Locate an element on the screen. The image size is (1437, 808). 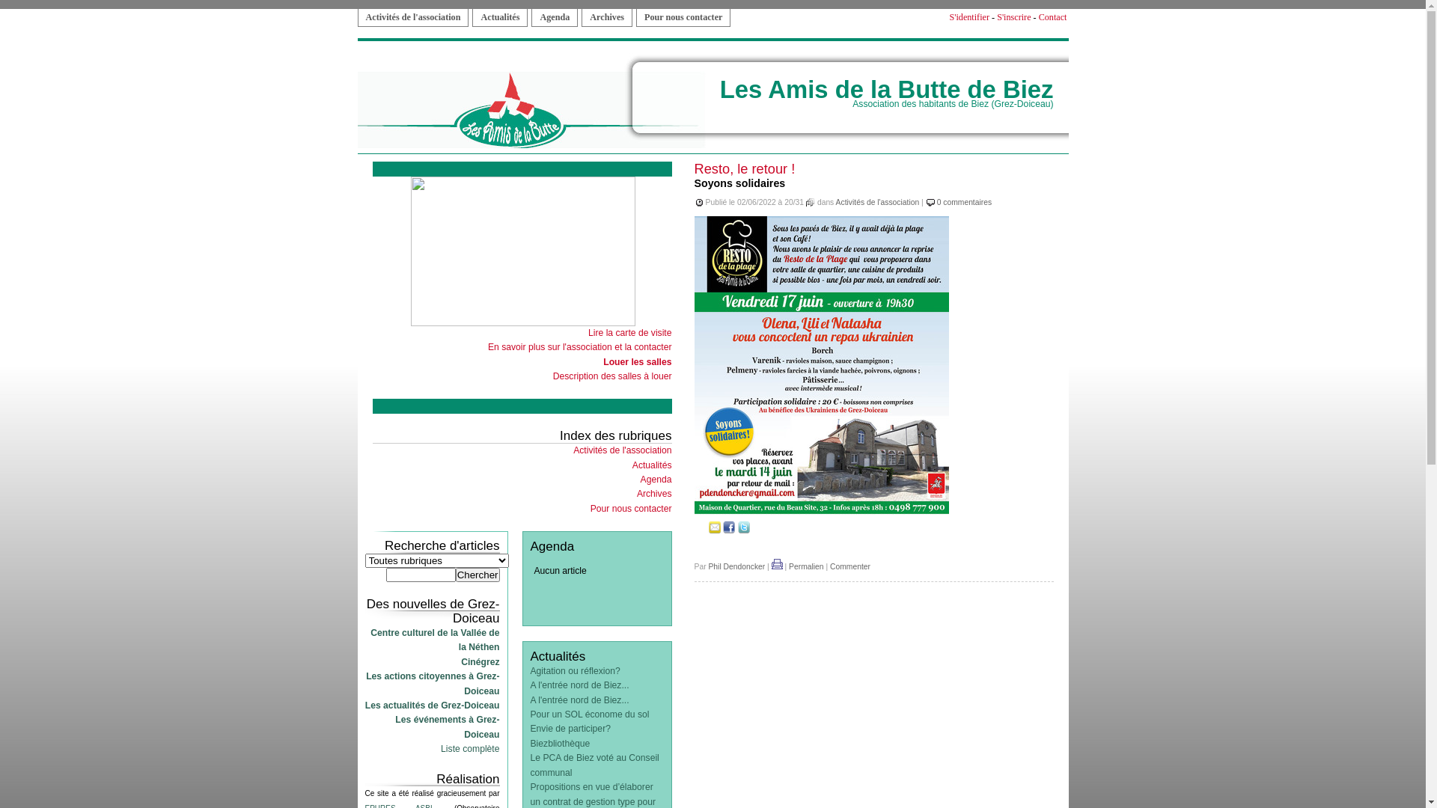
'Contact' is located at coordinates (1037, 17).